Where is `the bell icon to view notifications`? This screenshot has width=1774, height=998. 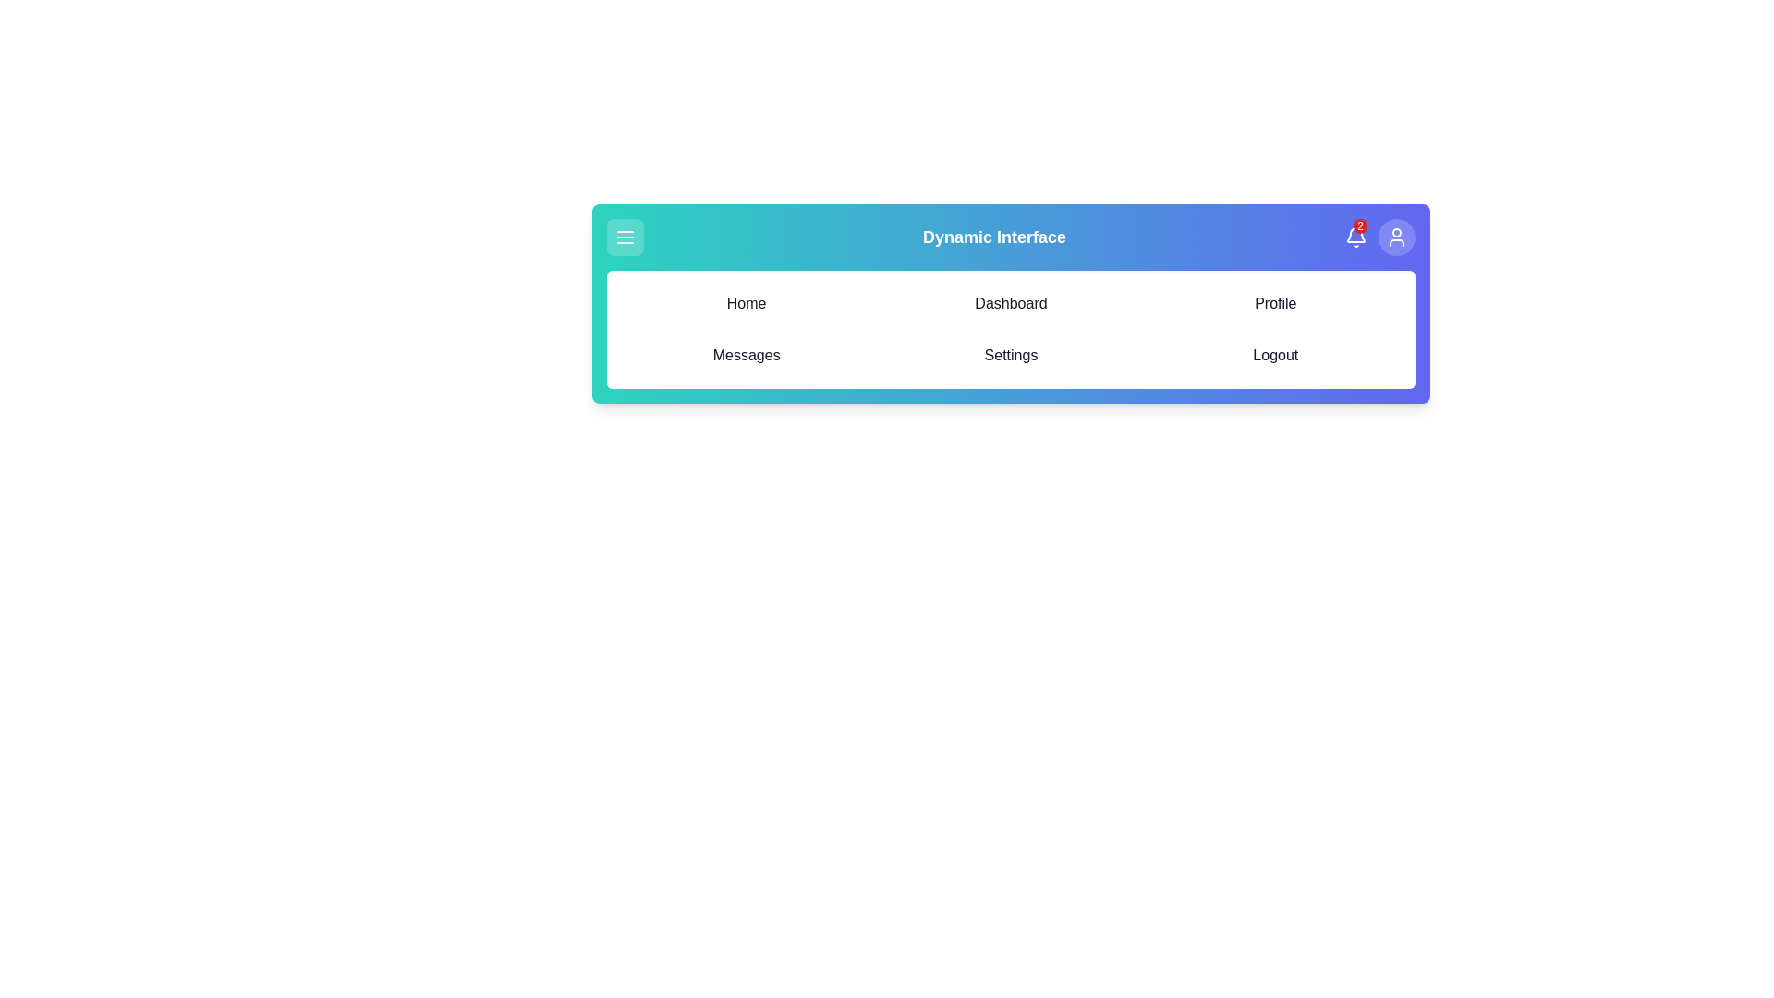 the bell icon to view notifications is located at coordinates (1356, 237).